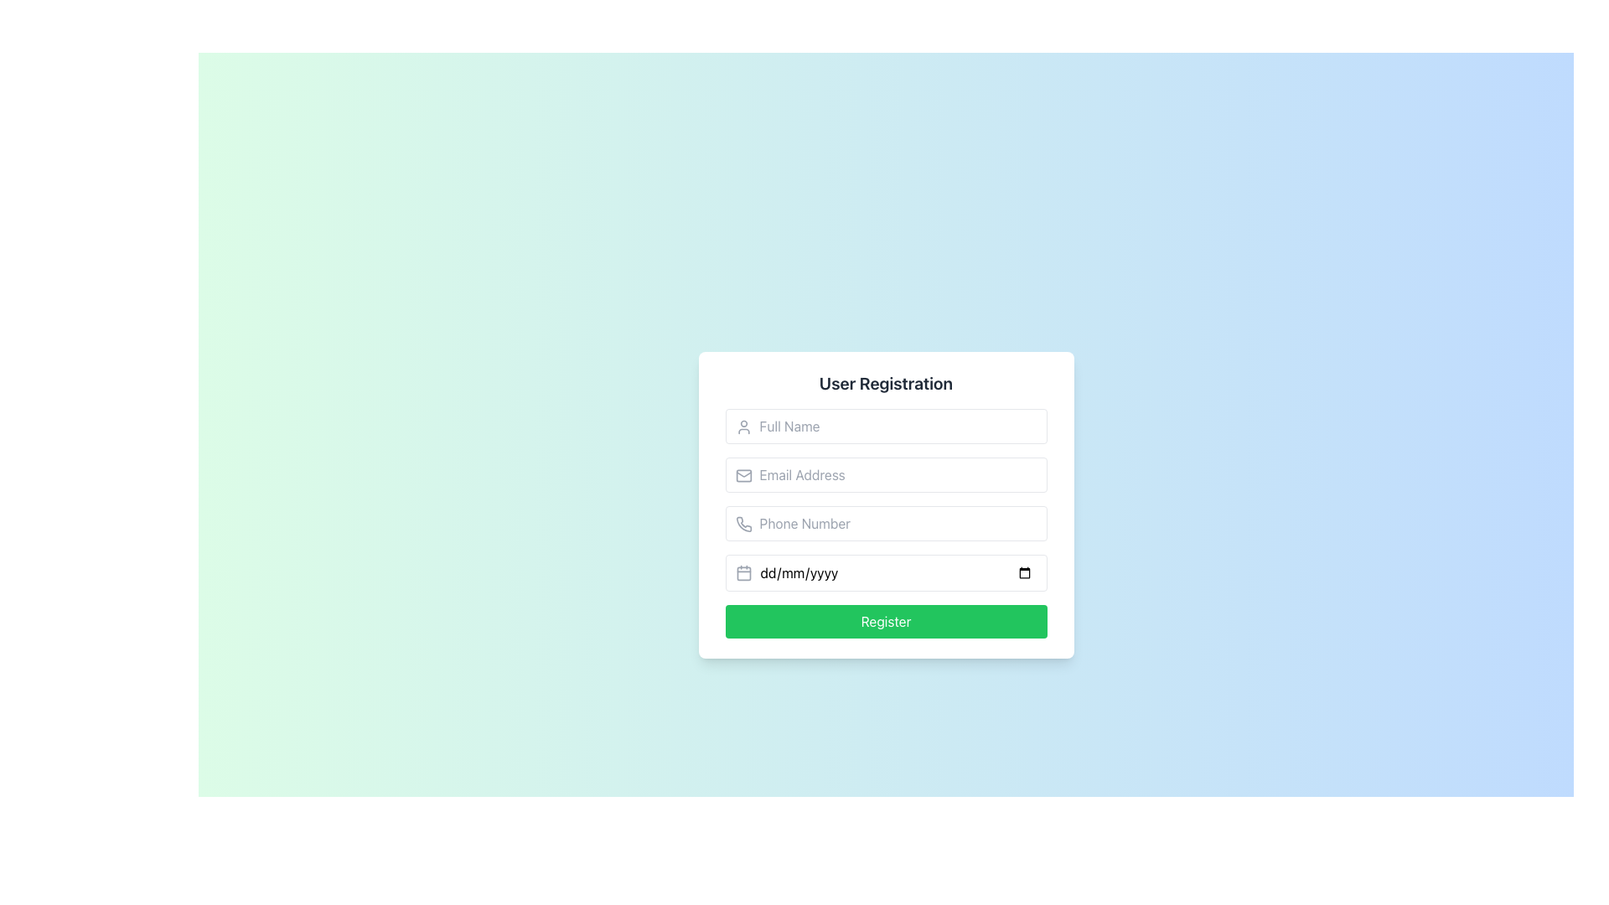 The image size is (1609, 905). Describe the element at coordinates (742, 523) in the screenshot. I see `the small gray phone icon with rounded edges located to the left of the 'Phone Number' input field in the 'User Registration' form` at that location.